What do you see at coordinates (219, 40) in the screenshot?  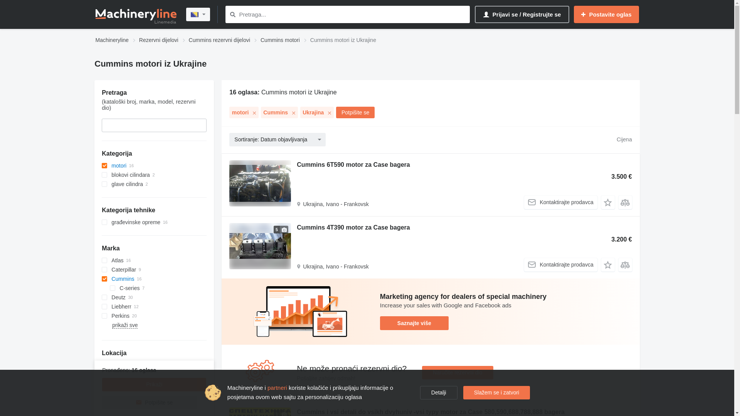 I see `'Cummins rezervni dijelovi'` at bounding box center [219, 40].